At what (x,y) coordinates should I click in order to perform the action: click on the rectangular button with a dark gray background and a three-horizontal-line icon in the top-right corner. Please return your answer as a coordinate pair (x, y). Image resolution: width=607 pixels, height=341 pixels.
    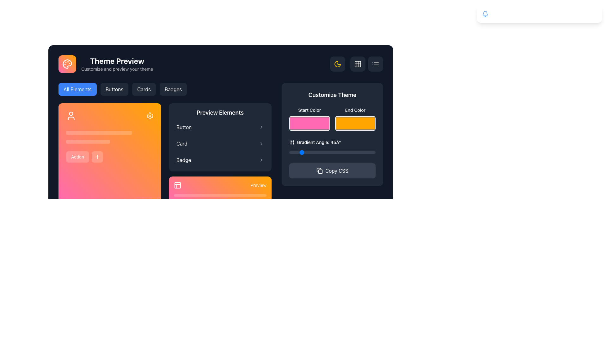
    Looking at the image, I should click on (376, 64).